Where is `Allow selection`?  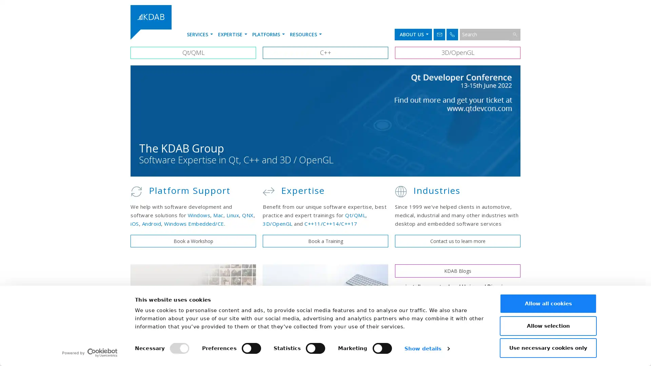
Allow selection is located at coordinates (548, 325).